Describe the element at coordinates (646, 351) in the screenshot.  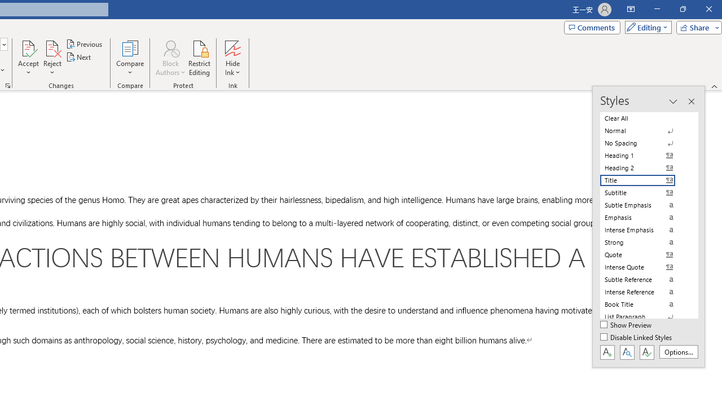
I see `'Class: NetUIButton'` at that location.